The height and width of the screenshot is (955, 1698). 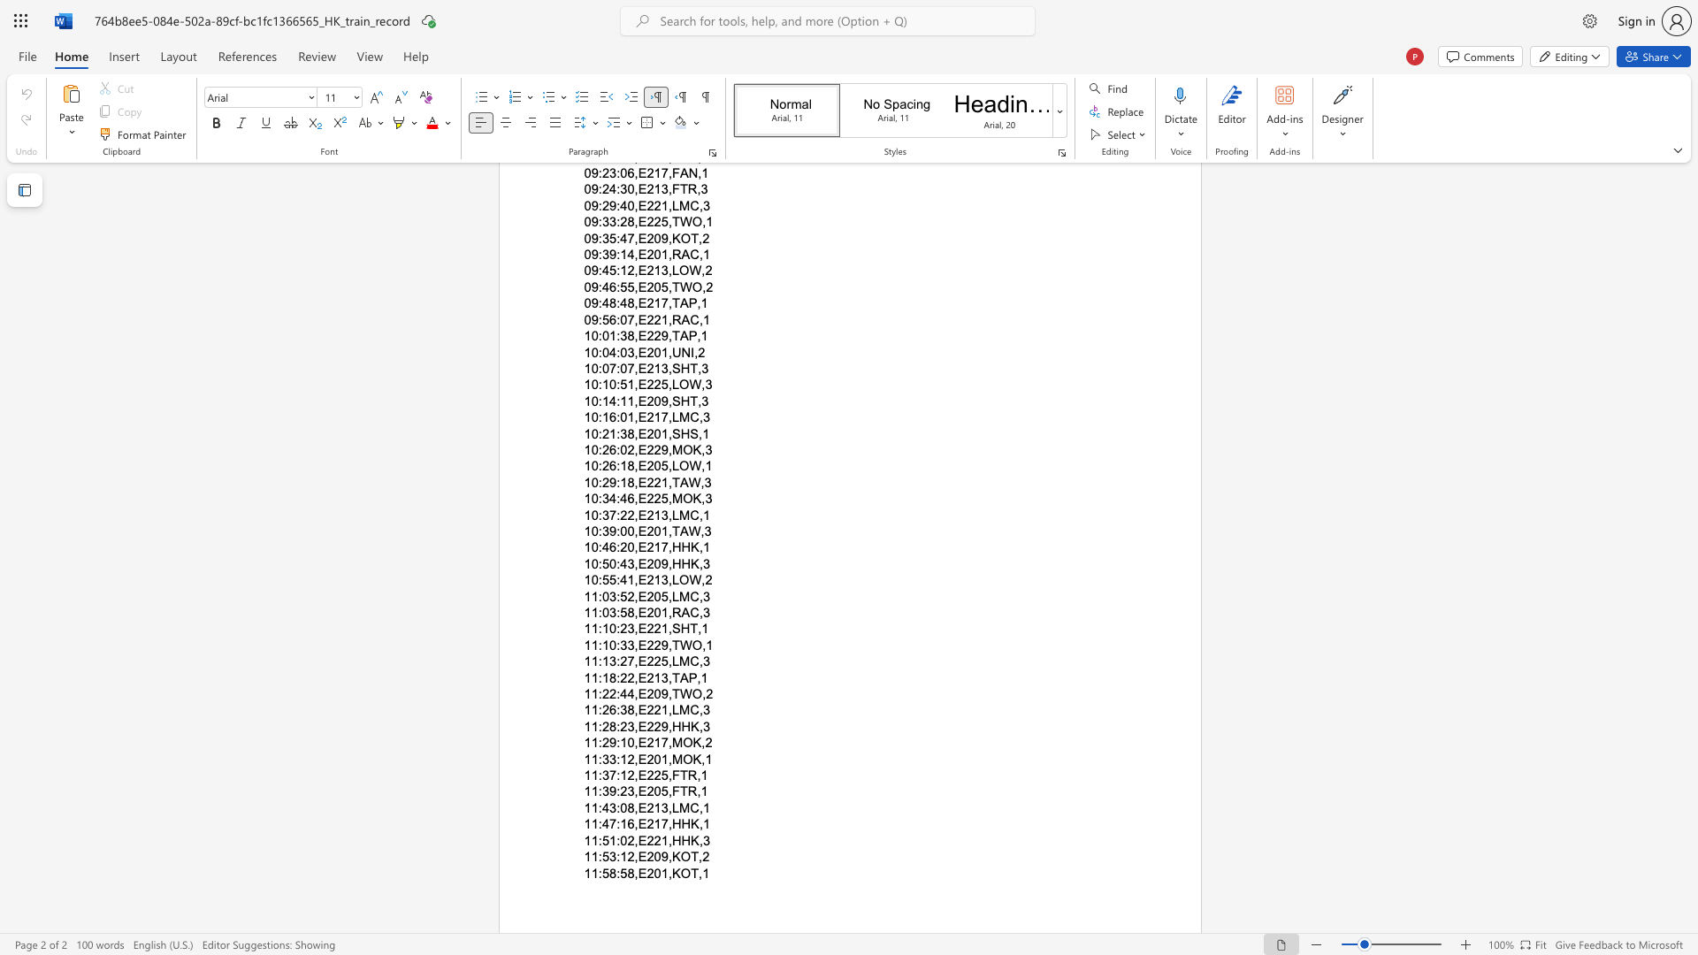 What do you see at coordinates (646, 612) in the screenshot?
I see `the subset text "201,RAC,3" within the text "11:03:58,E201,RAC,3"` at bounding box center [646, 612].